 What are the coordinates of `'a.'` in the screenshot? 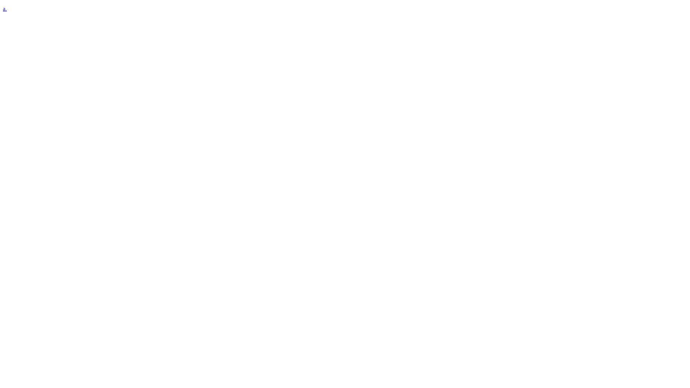 It's located at (3, 9).